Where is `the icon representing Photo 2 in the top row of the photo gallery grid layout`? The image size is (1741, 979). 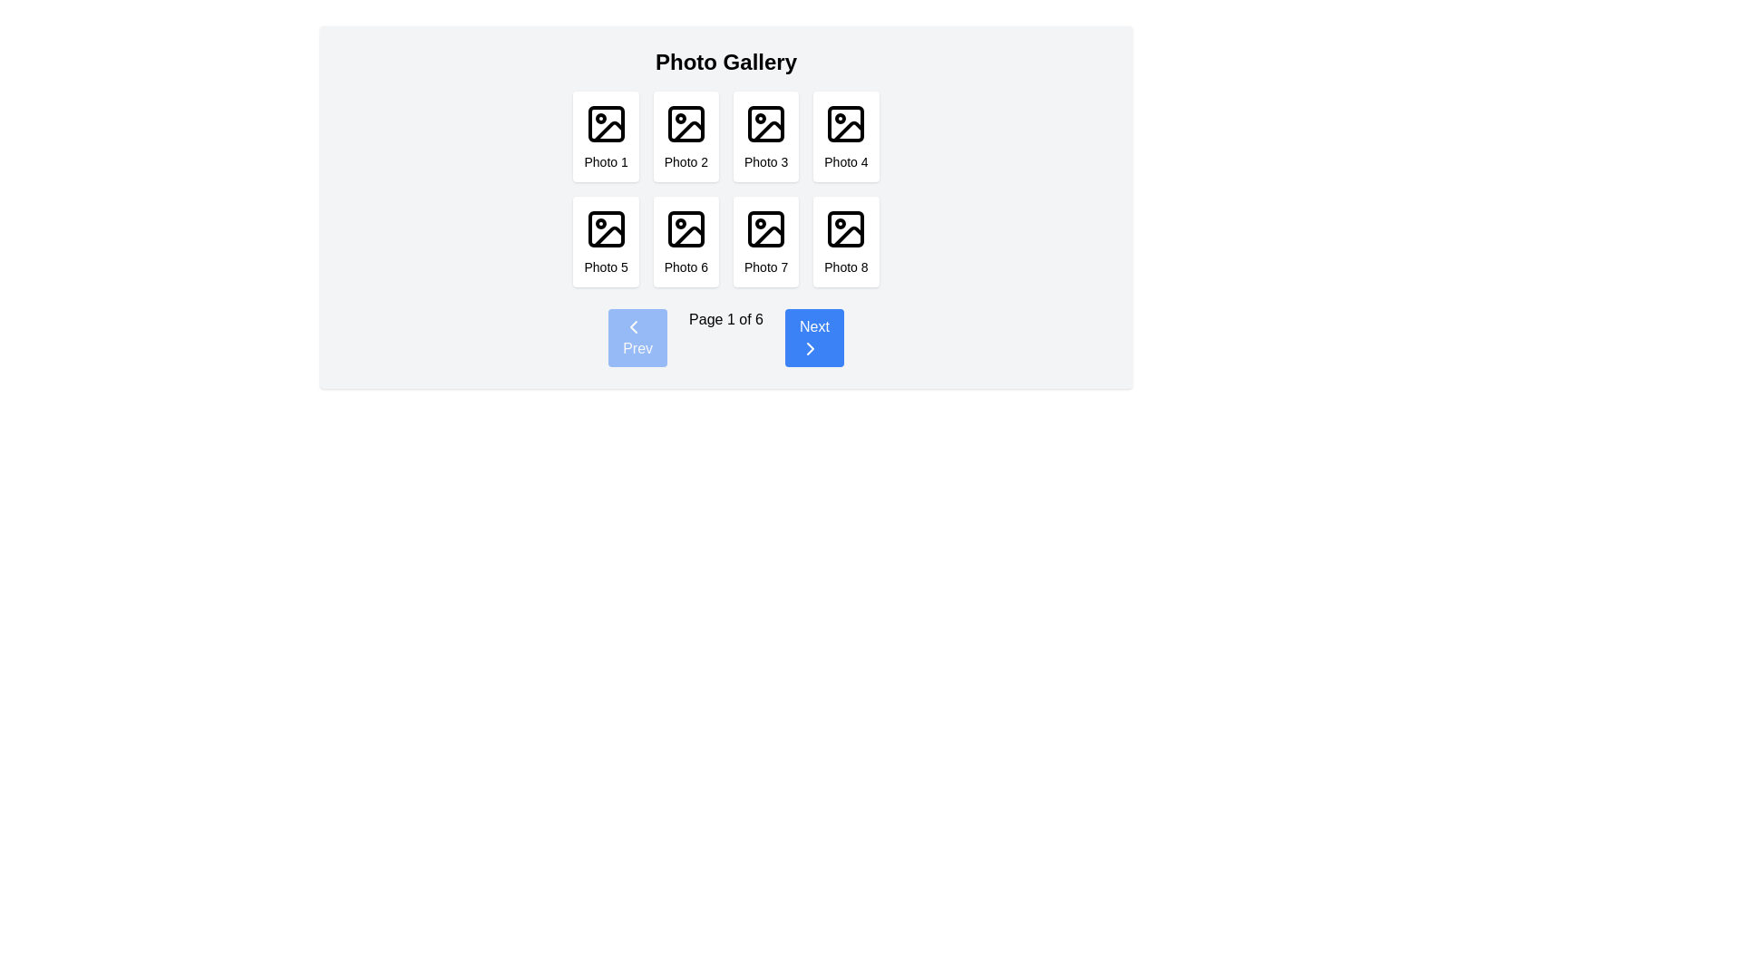 the icon representing Photo 2 in the top row of the photo gallery grid layout is located at coordinates (685, 123).